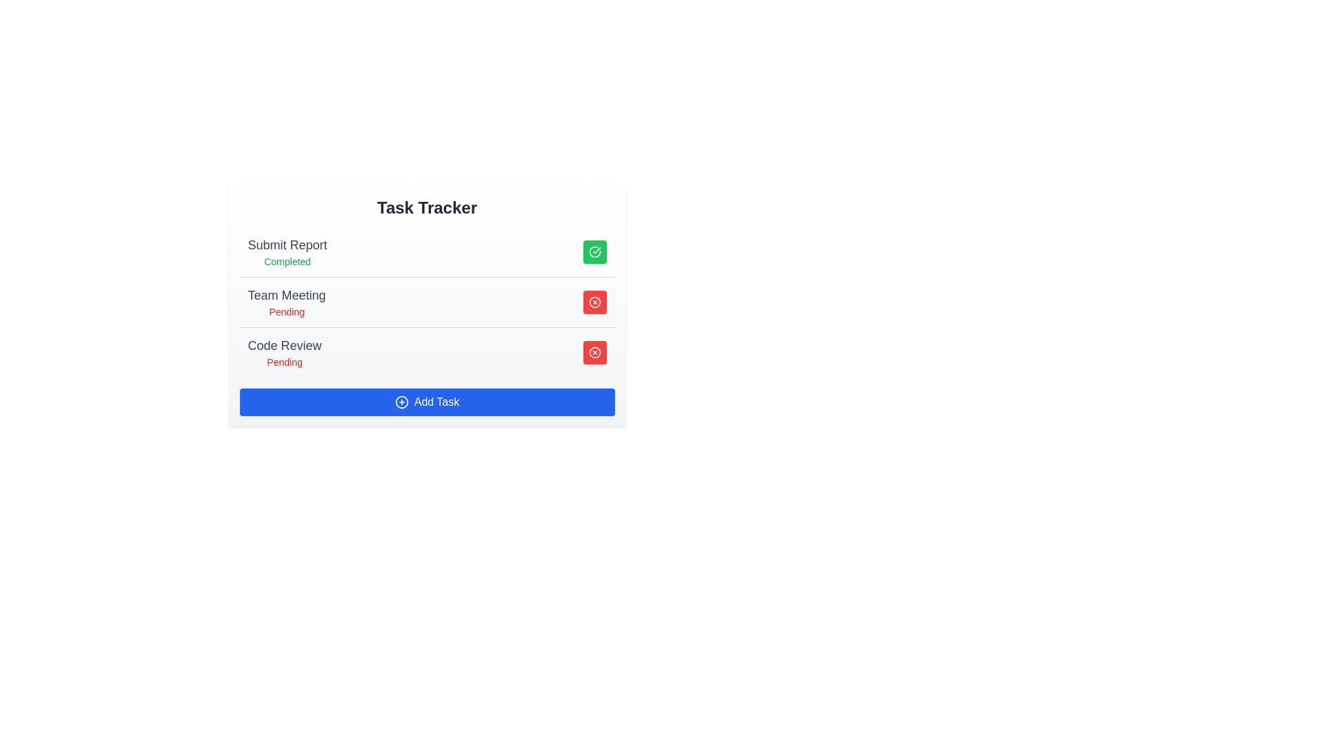 The height and width of the screenshot is (744, 1324). Describe the element at coordinates (426, 351) in the screenshot. I see `task name 'Code Review' and its status 'Pending' from the third task entry in the Task Tracker section, which has a light background and includes a red button with an 'X' icon` at that location.